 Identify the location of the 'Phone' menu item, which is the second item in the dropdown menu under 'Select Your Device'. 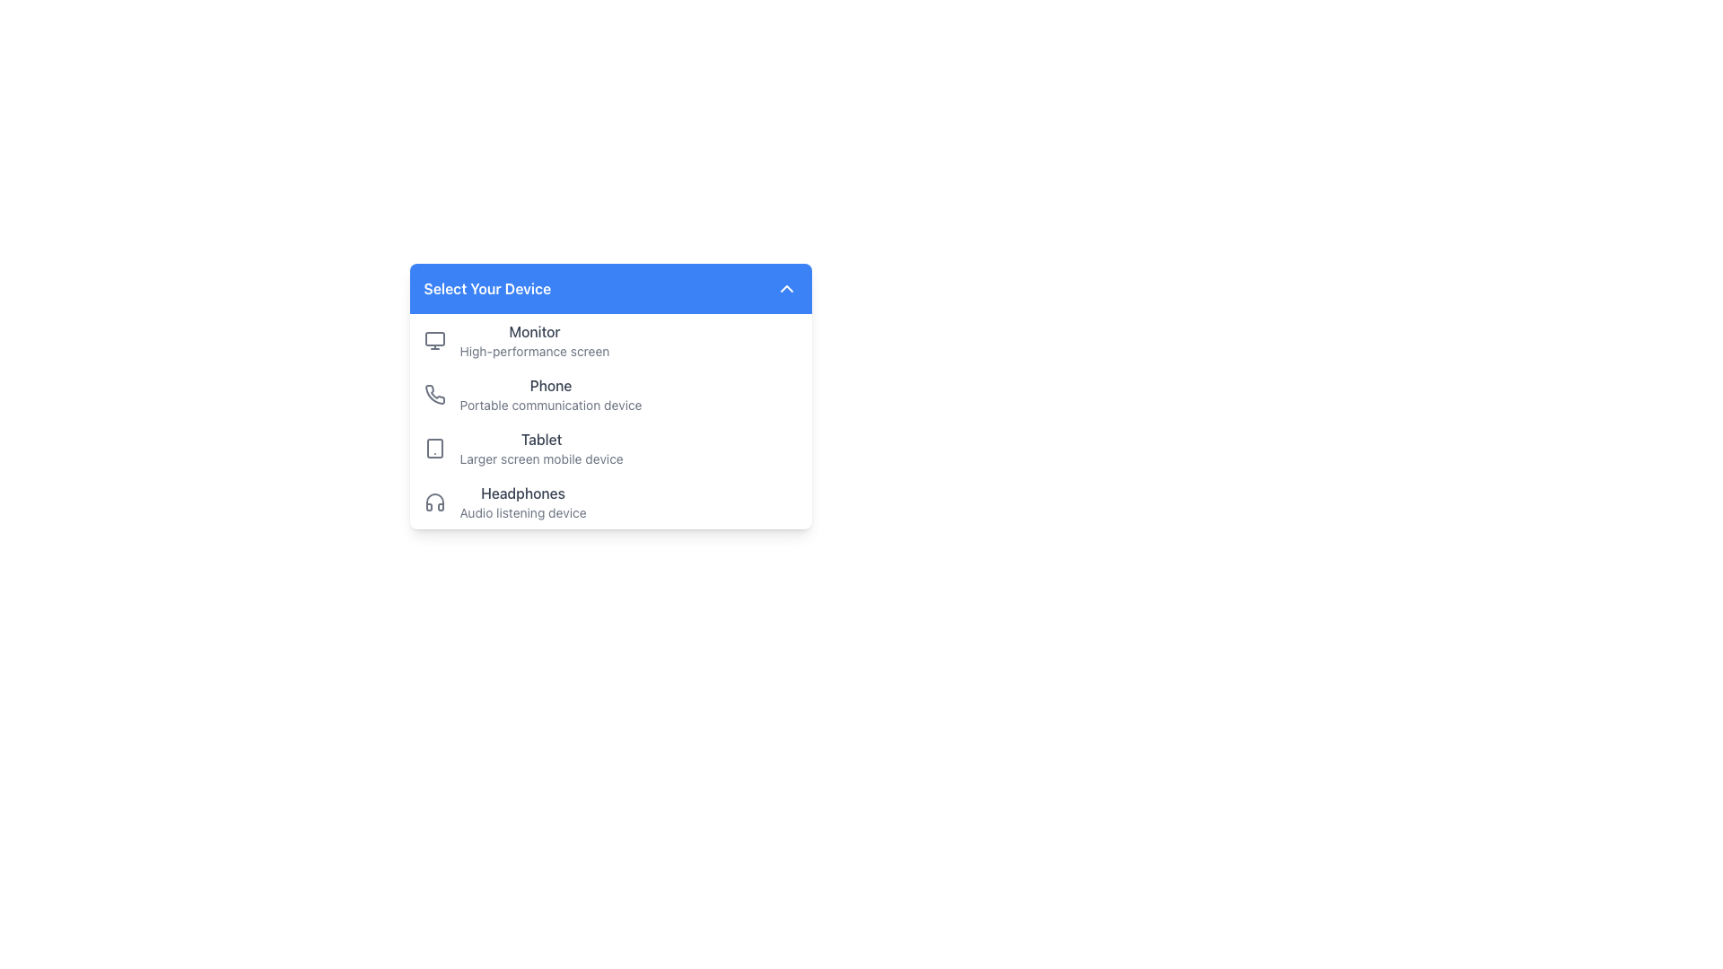
(550, 393).